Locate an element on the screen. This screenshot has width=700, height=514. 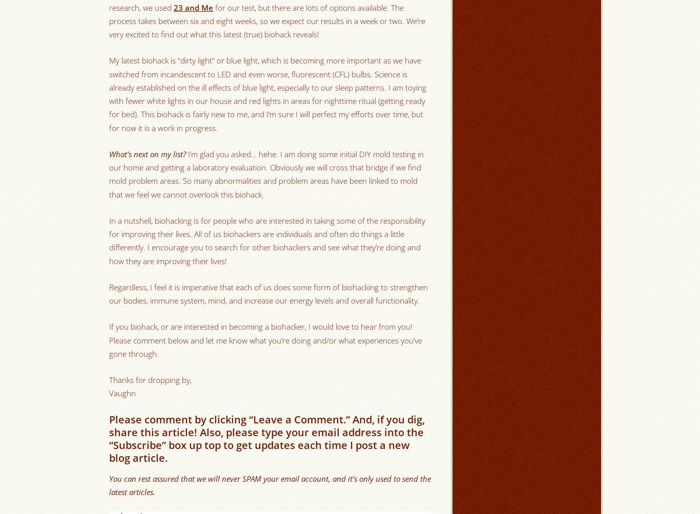
'Thanks for dropping by,' is located at coordinates (150, 379).